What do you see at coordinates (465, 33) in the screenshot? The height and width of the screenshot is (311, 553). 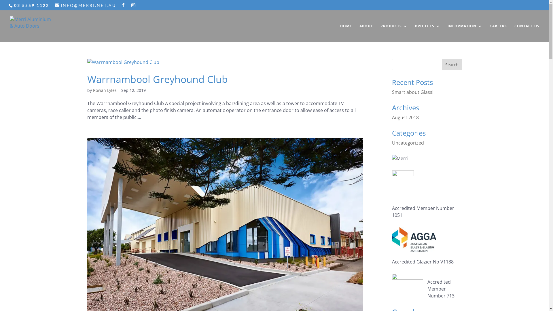 I see `'INFORMATION'` at bounding box center [465, 33].